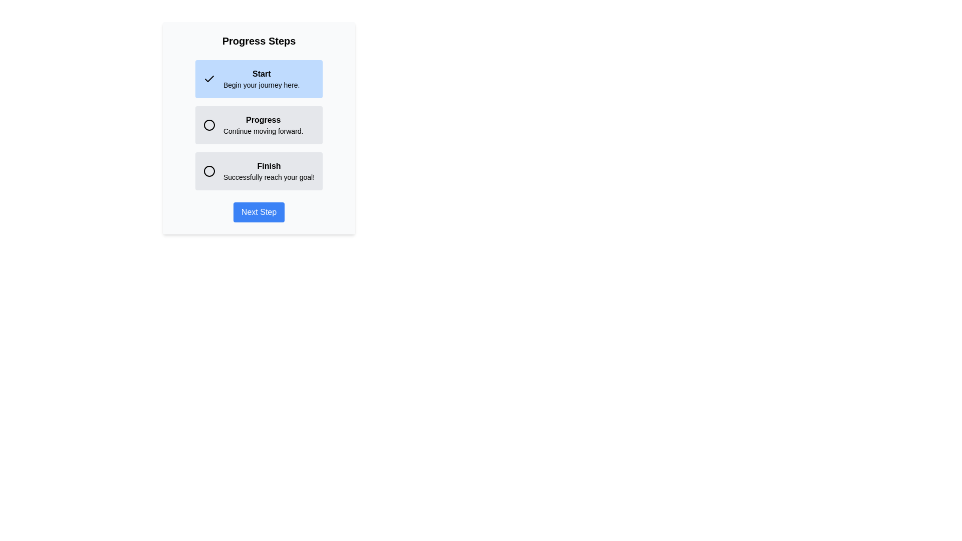 The width and height of the screenshot is (962, 541). Describe the element at coordinates (259, 125) in the screenshot. I see `the 'Progress' status display component, which represents the mid-point in the sequence of a progression menu` at that location.